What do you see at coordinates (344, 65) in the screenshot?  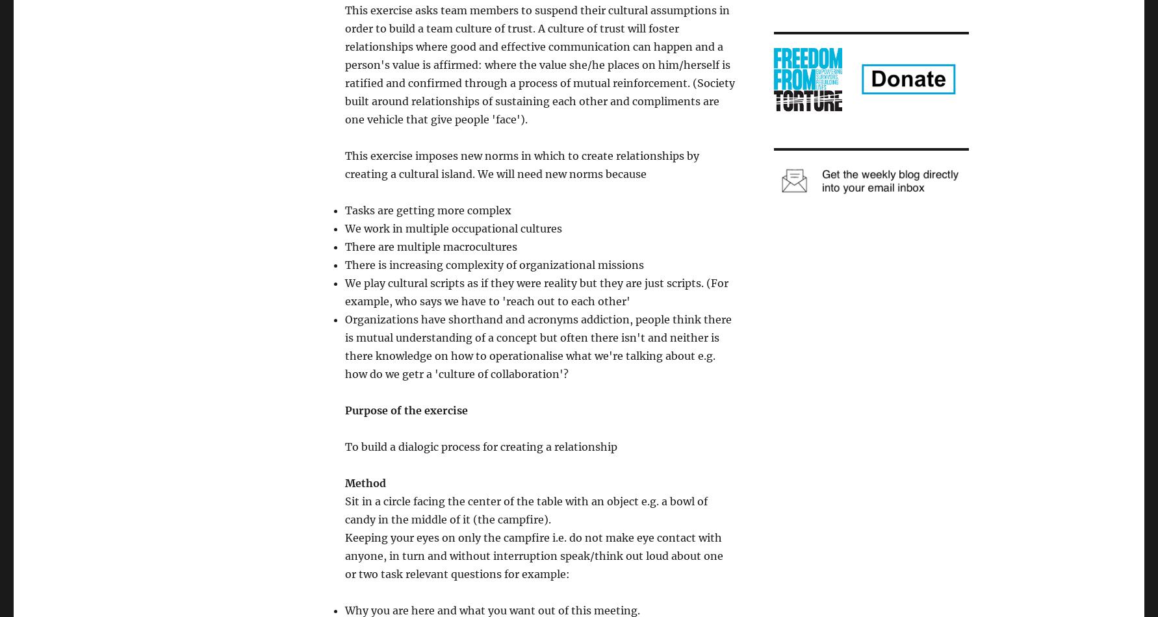 I see `'This exercise asks team members to suspend their cultural assumptions in order to build a team culture of trust.  A culture of trust will foster relationships where good and effective communication can happen and a person's value is affirmed: where the value she/he places on him/herself  is ratified and confirmed through a process of mutual reinforcement.  (Society built around relationships of sustaining each other and compliments are one vehicle that give people 'face').'` at bounding box center [344, 65].